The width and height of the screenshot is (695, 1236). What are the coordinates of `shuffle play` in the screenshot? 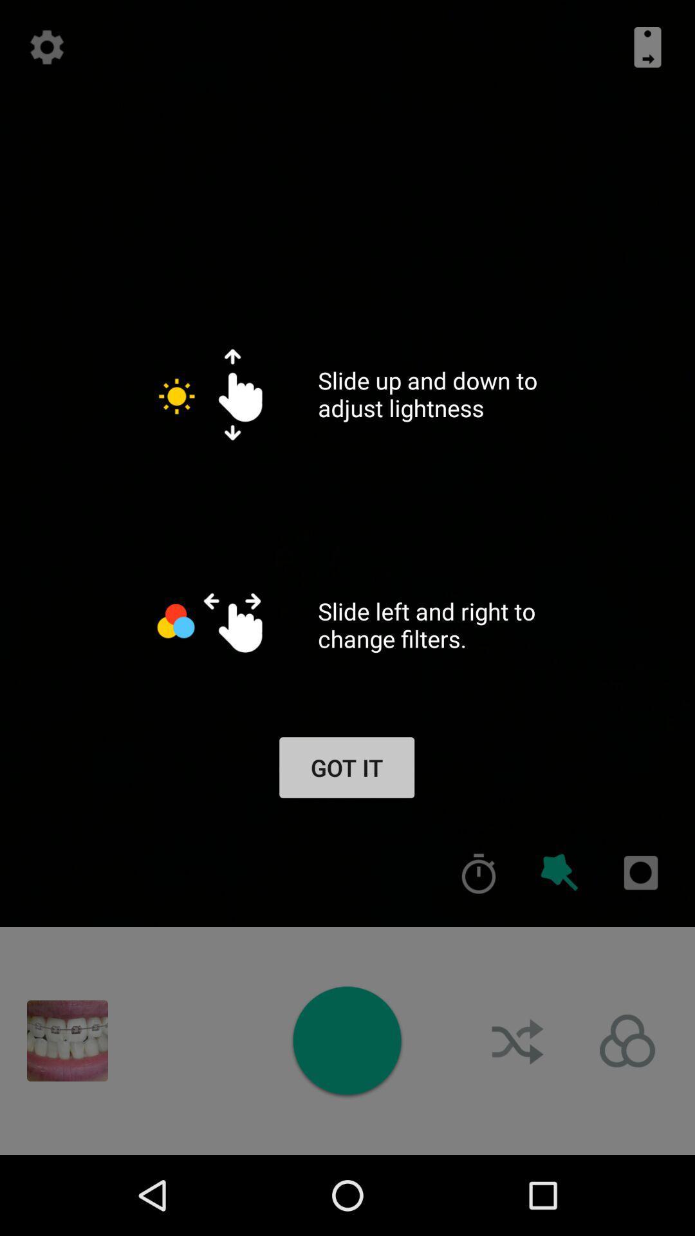 It's located at (518, 1041).